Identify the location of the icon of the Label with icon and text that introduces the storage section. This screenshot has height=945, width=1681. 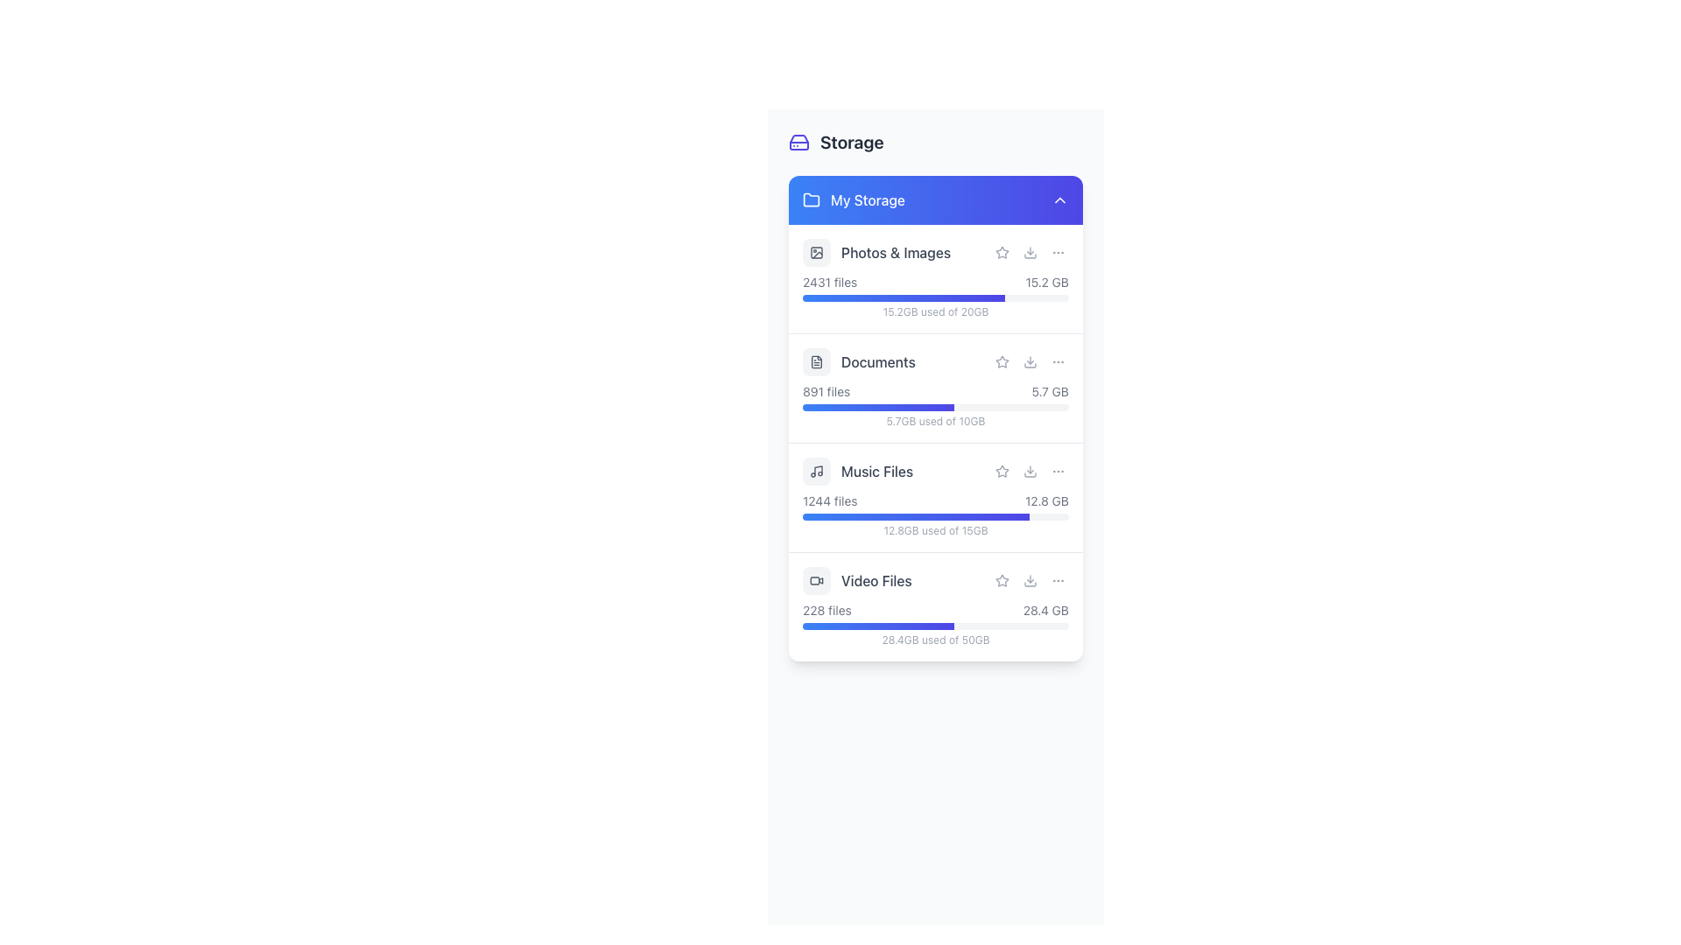
(835, 141).